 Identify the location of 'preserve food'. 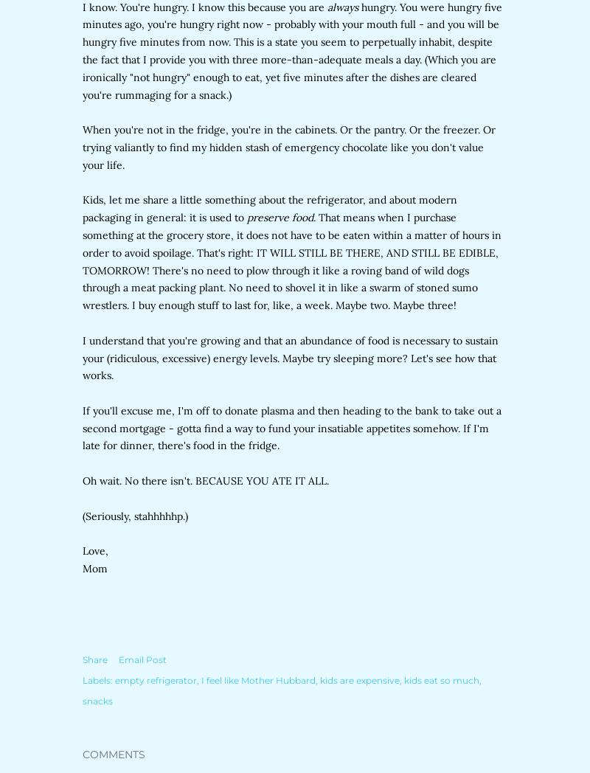
(247, 217).